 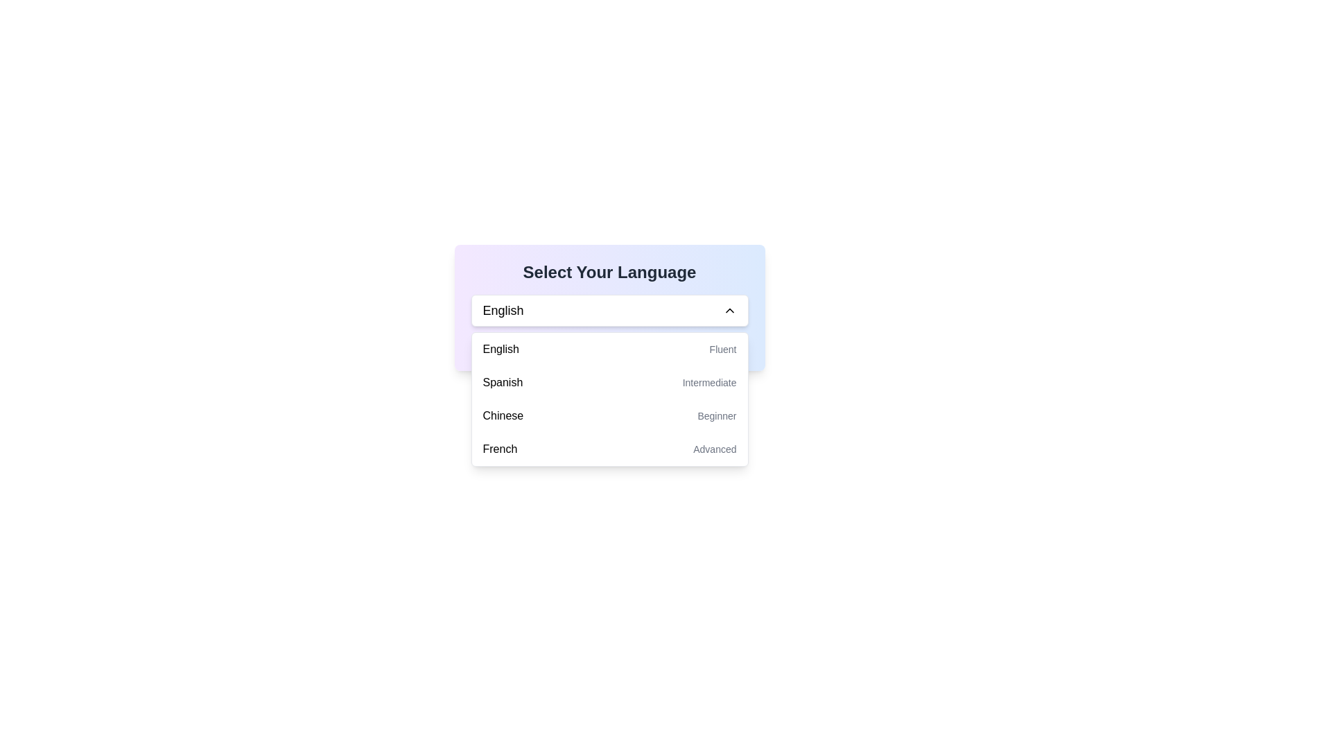 I want to click on the upward-pointing chevron icon located to the right of the text 'English', so click(x=729, y=309).